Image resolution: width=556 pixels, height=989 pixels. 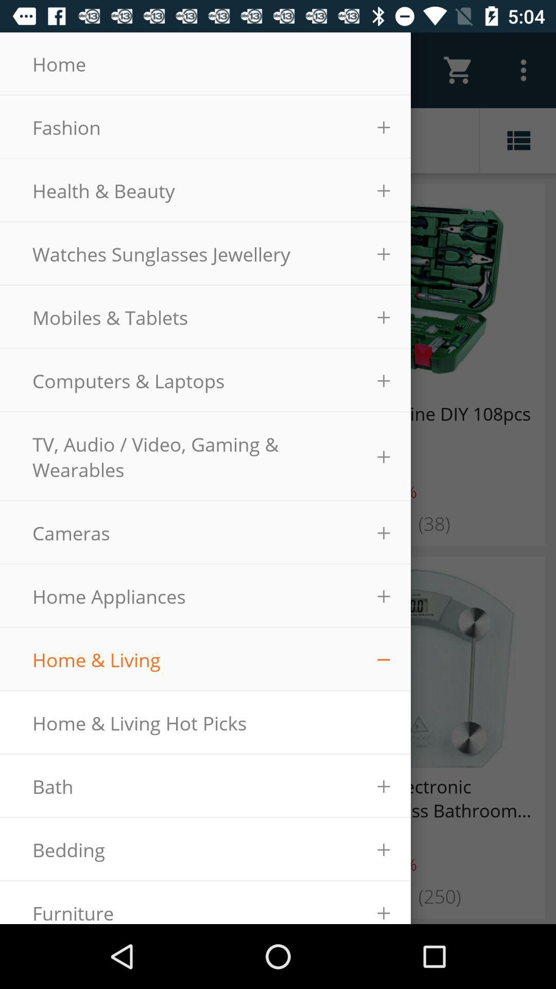 What do you see at coordinates (384, 596) in the screenshot?
I see `the icon which is right to home appliances` at bounding box center [384, 596].